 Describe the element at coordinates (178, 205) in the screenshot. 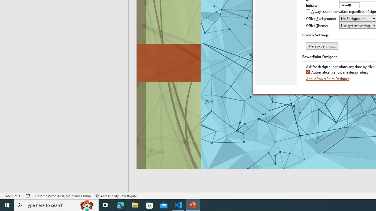

I see `'Visual Studio Code - 1 running window'` at that location.